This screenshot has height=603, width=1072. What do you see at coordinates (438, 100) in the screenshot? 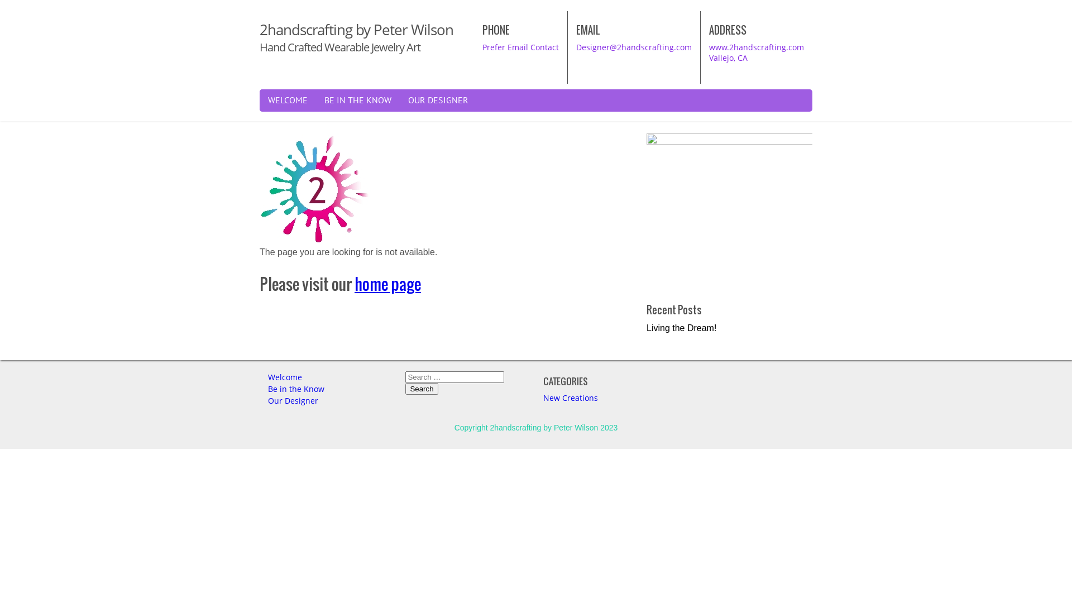
I see `'OUR DESIGNER'` at bounding box center [438, 100].